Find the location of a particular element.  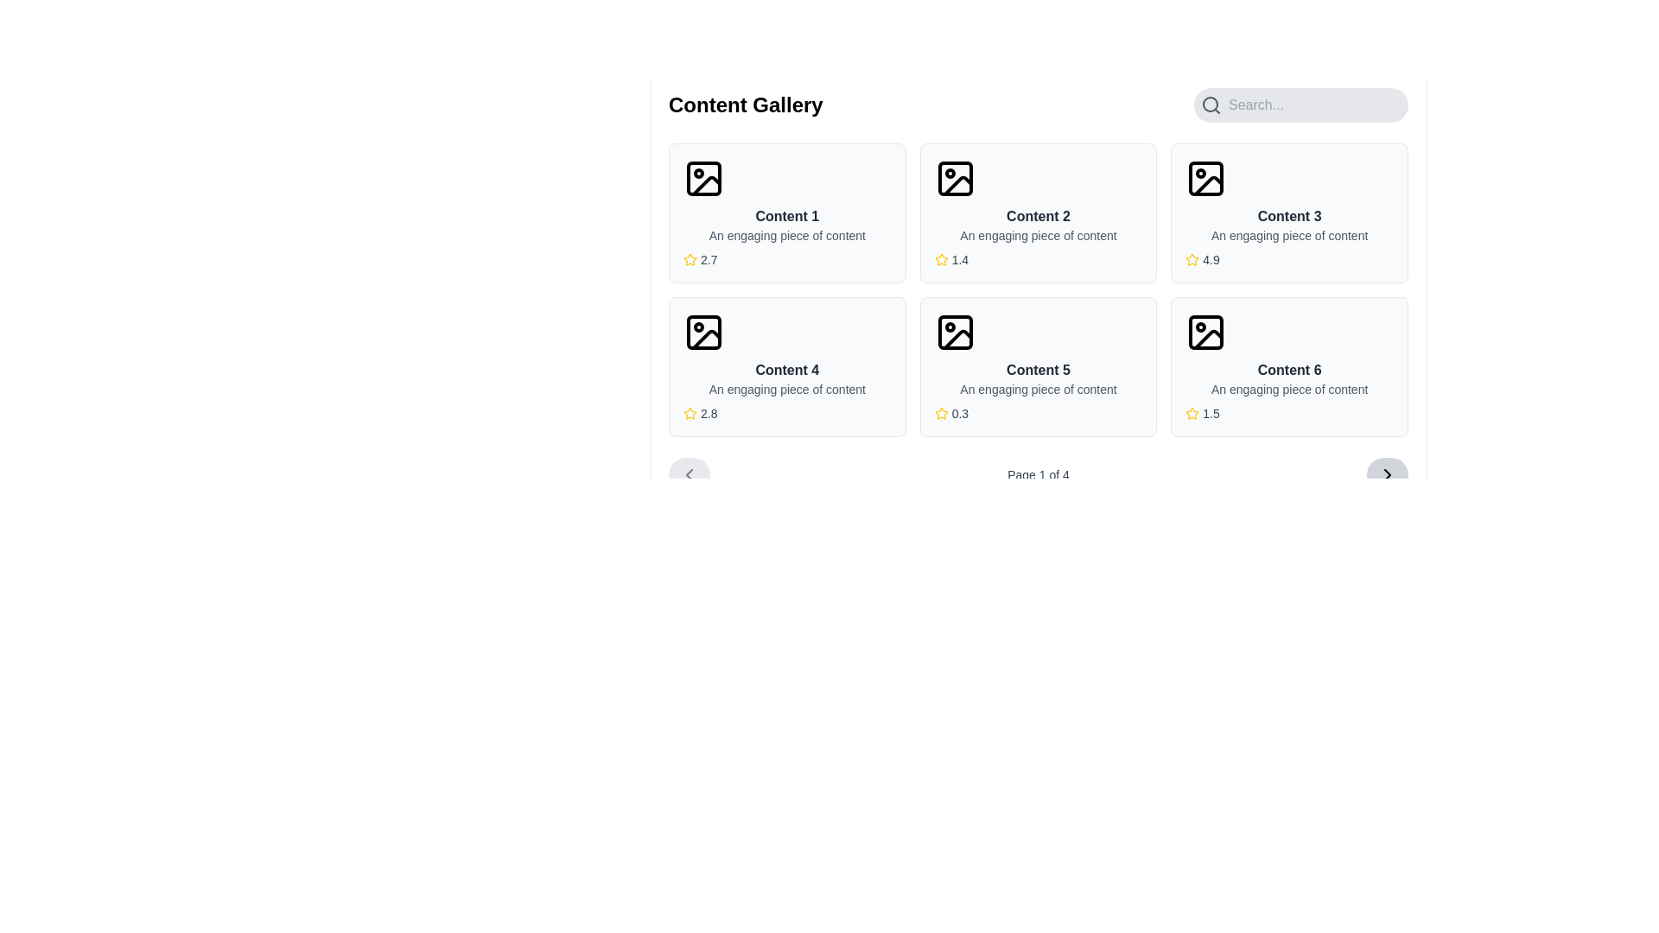

the descriptive subtitle text located in the fifth content card, positioned below the title 'Content 5' and above its associated rating is located at coordinates (1037, 390).